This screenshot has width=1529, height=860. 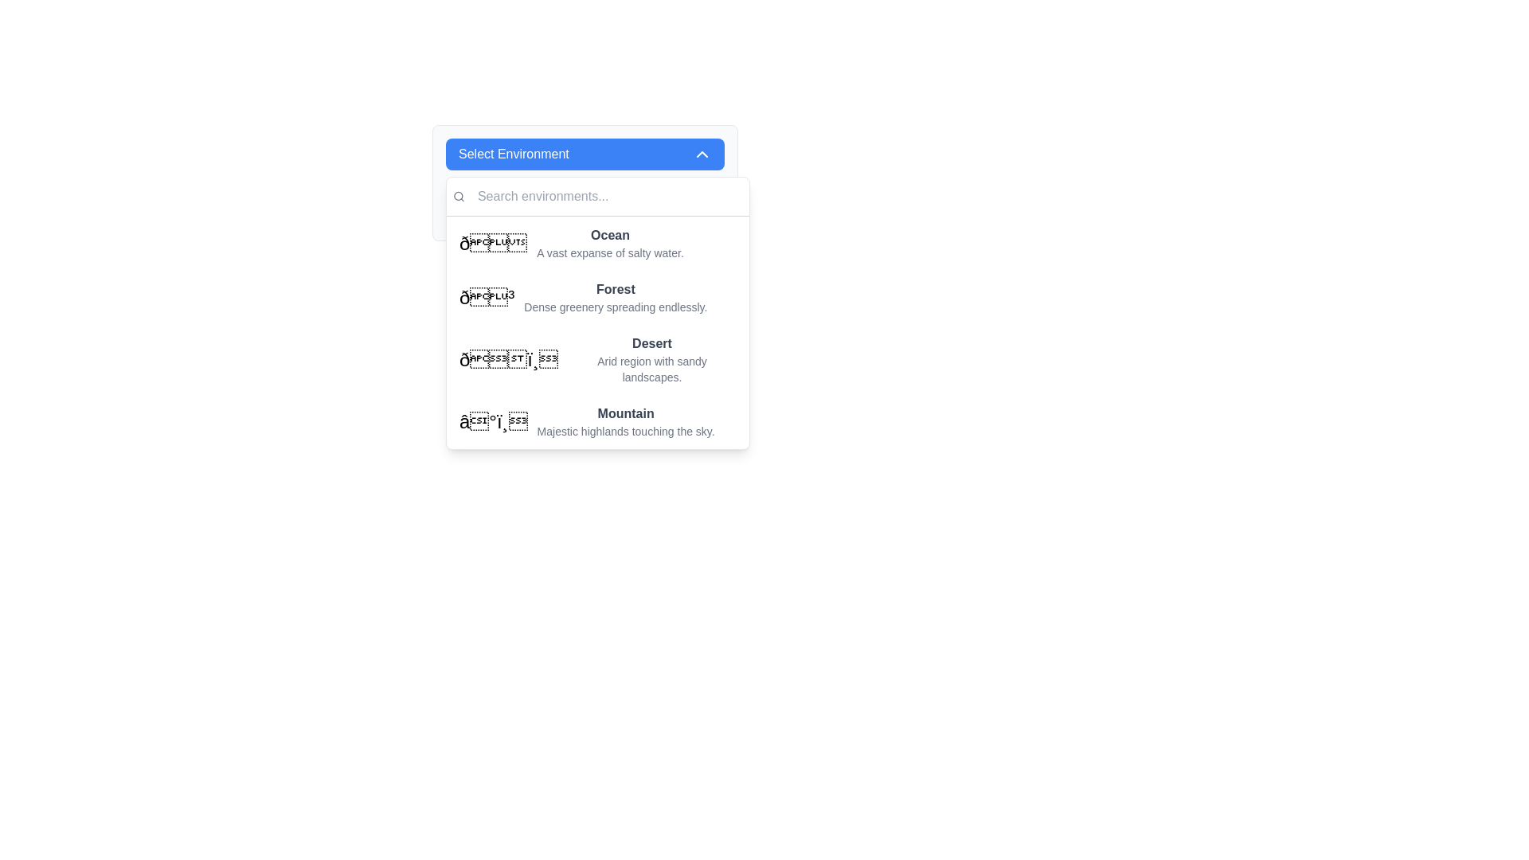 What do you see at coordinates (586, 420) in the screenshot?
I see `the last list item in the 'Select Environment' dropdown menu, which represents the 'Mountain' environment with a bold title and a descriptive text` at bounding box center [586, 420].